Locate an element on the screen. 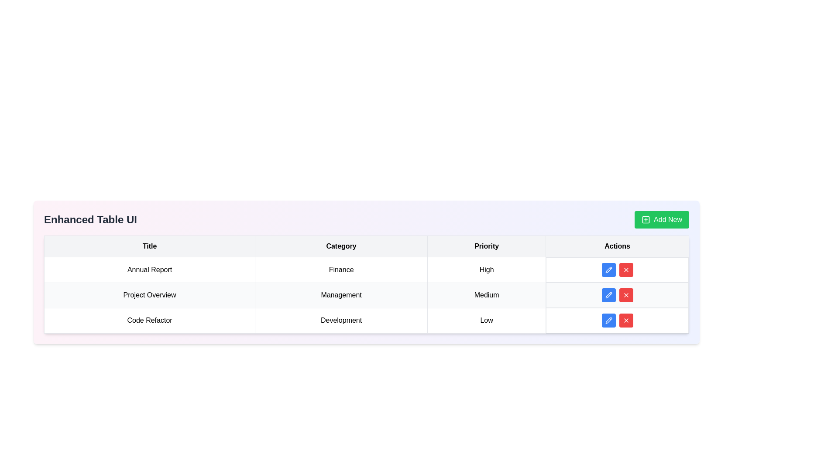  the first button in the 'Actions' column of the table corresponding to the 'Annual Report' entry is located at coordinates (608, 269).